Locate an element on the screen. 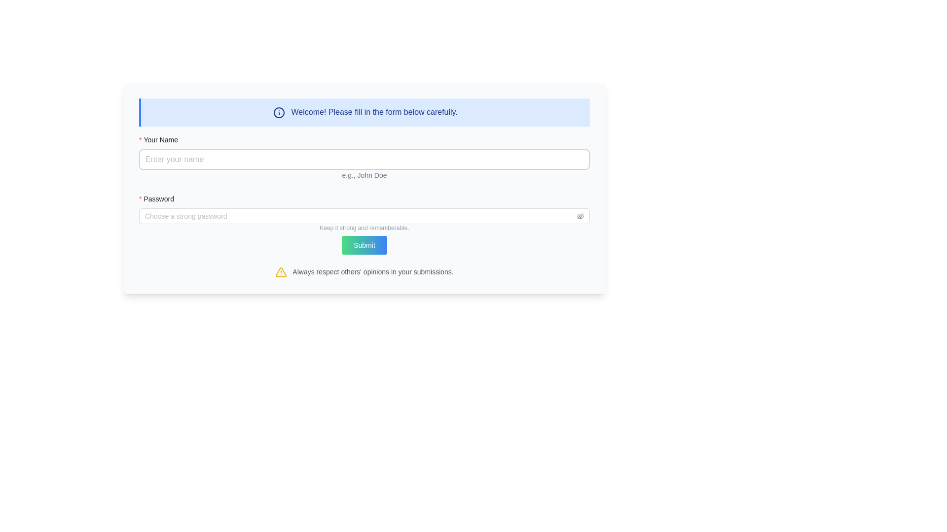 Image resolution: width=947 pixels, height=532 pixels. the attention-drawing icon located to the left side of the welcome message at the top of the form, which emphasizes the importance of the instructions provided next to it is located at coordinates (281, 272).